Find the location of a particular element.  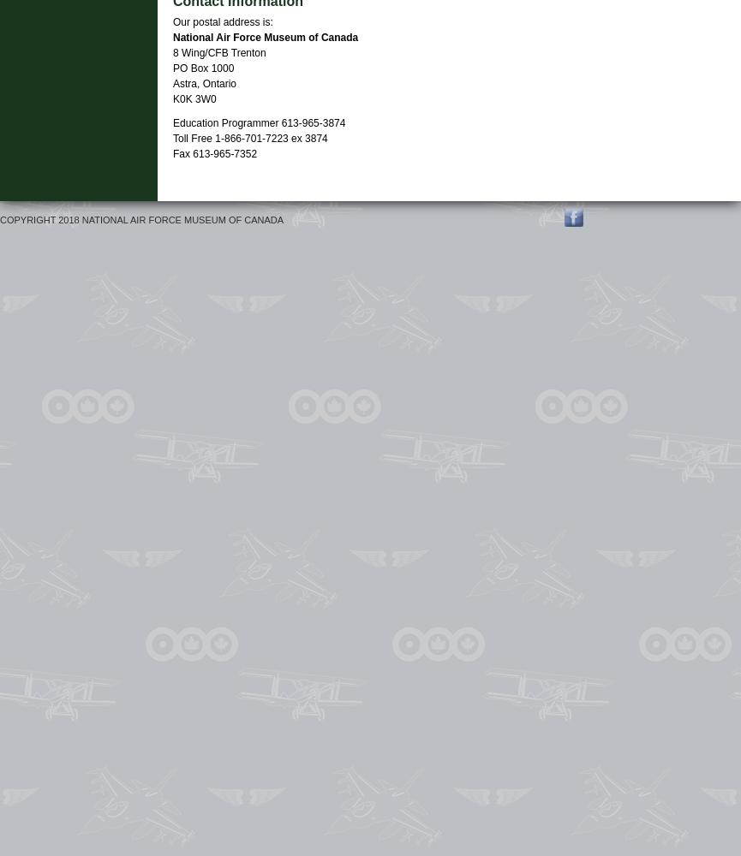

'Our postal address is:' is located at coordinates (222, 22).